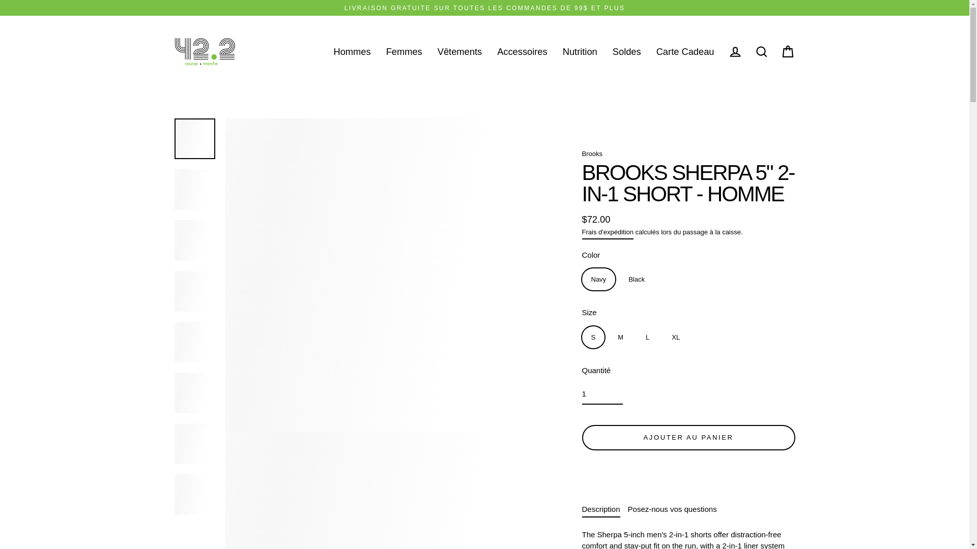 This screenshot has width=977, height=549. I want to click on 'Se connecter', so click(735, 51).